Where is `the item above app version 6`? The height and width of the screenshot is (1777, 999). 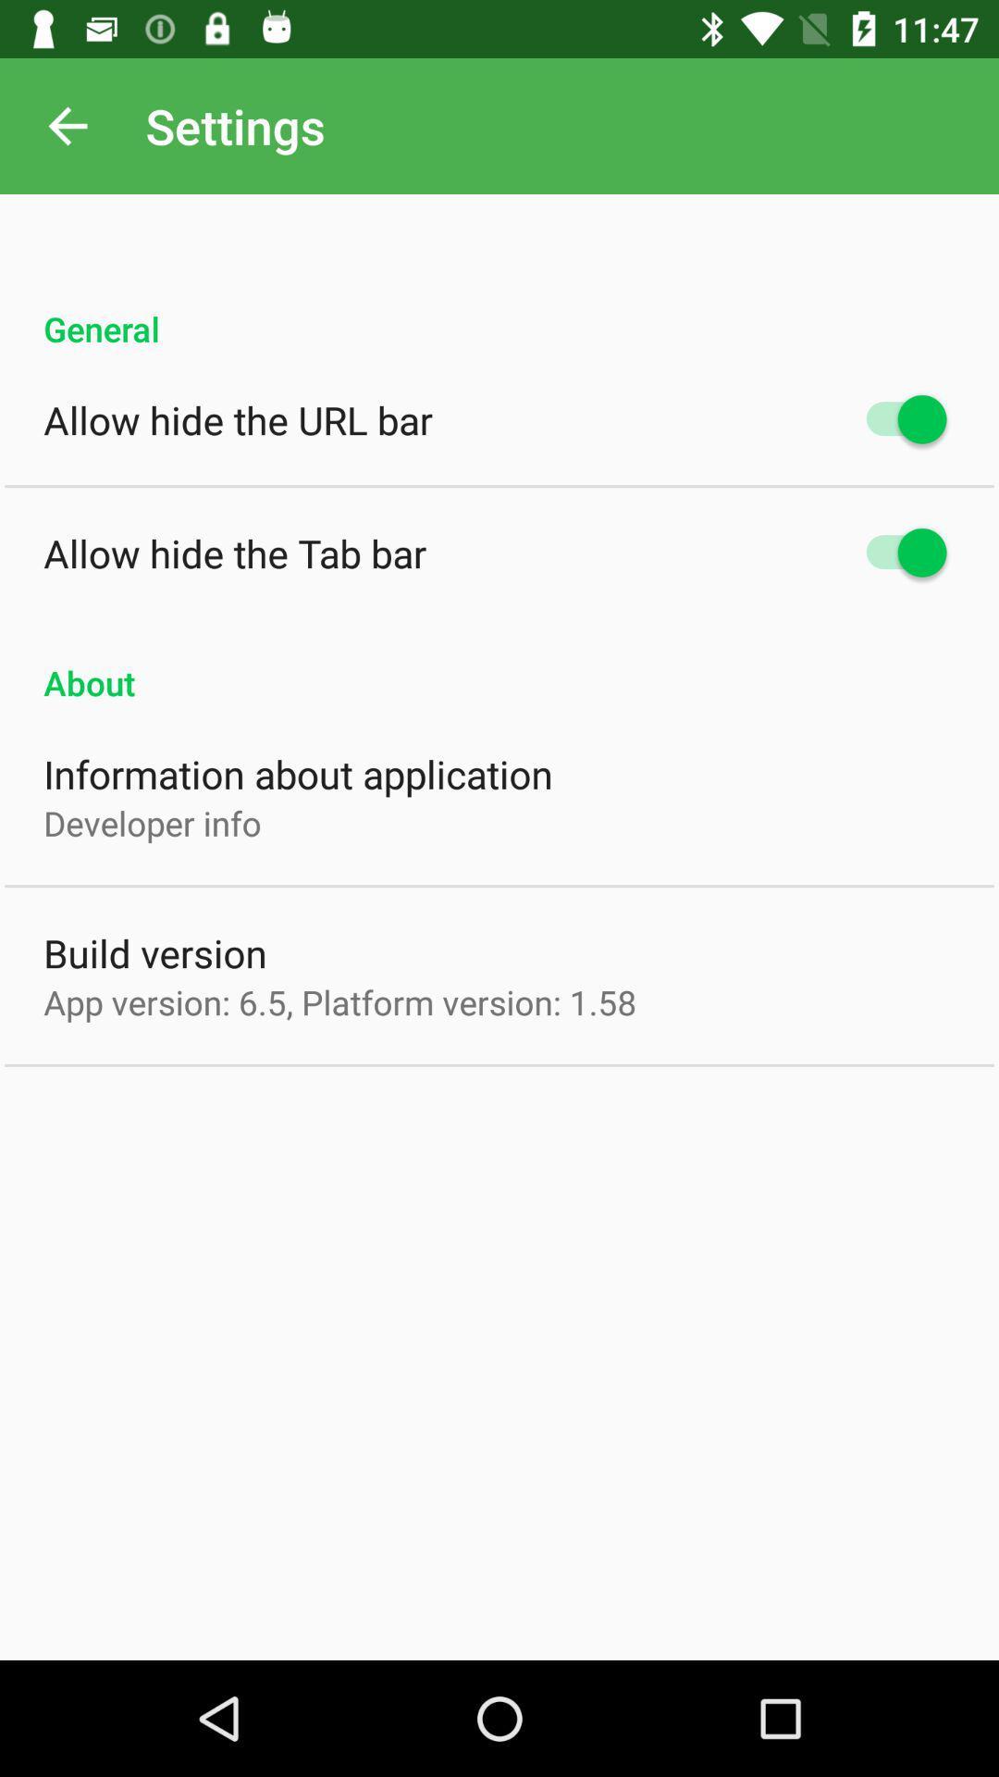 the item above app version 6 is located at coordinates (154, 952).